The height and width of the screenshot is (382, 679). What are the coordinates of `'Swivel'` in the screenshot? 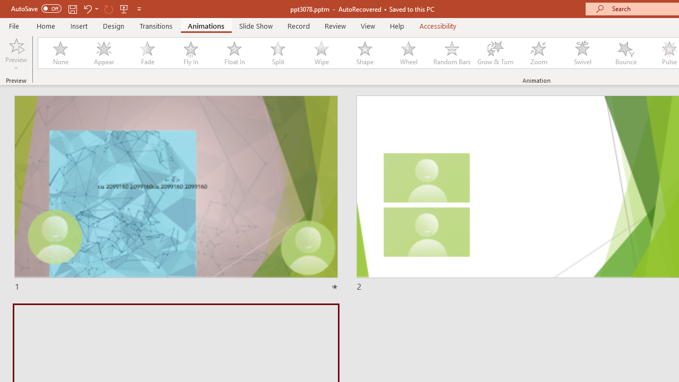 It's located at (582, 53).